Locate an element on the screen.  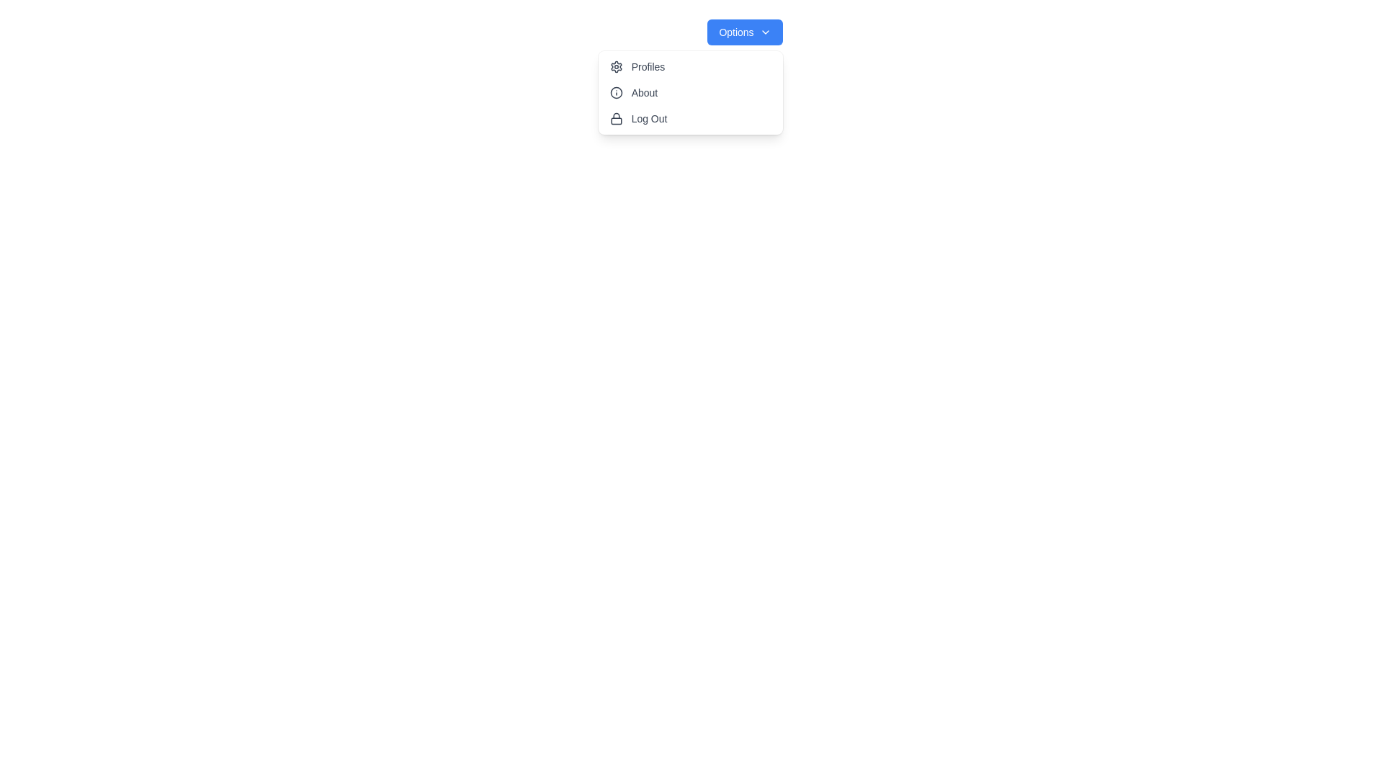
the navigation/settings icon located in the dropdown menu panel, positioned near the top-left corner, below the blue 'Options' button is located at coordinates (616, 66).